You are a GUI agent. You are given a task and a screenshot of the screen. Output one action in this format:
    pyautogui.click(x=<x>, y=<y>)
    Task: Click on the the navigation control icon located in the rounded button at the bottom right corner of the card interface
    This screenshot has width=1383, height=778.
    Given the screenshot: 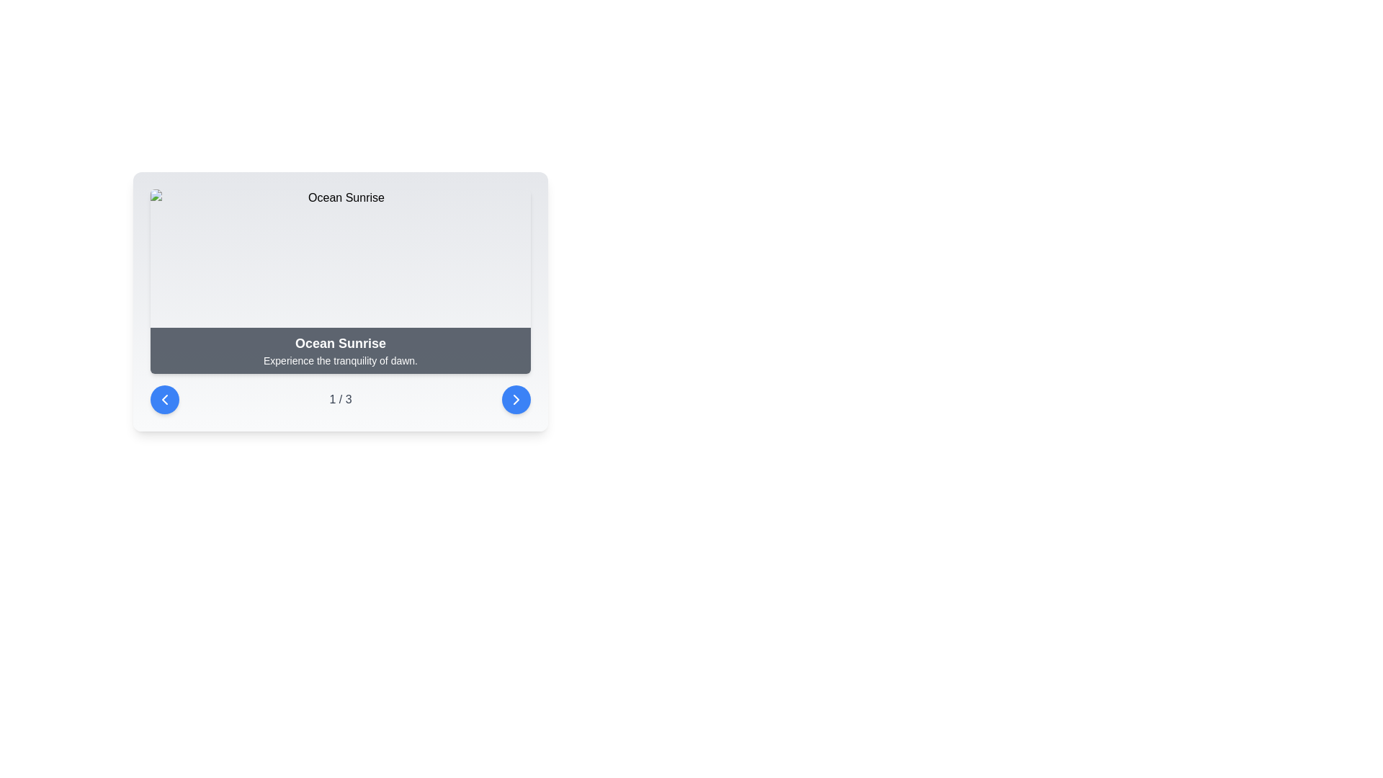 What is the action you would take?
    pyautogui.click(x=516, y=400)
    